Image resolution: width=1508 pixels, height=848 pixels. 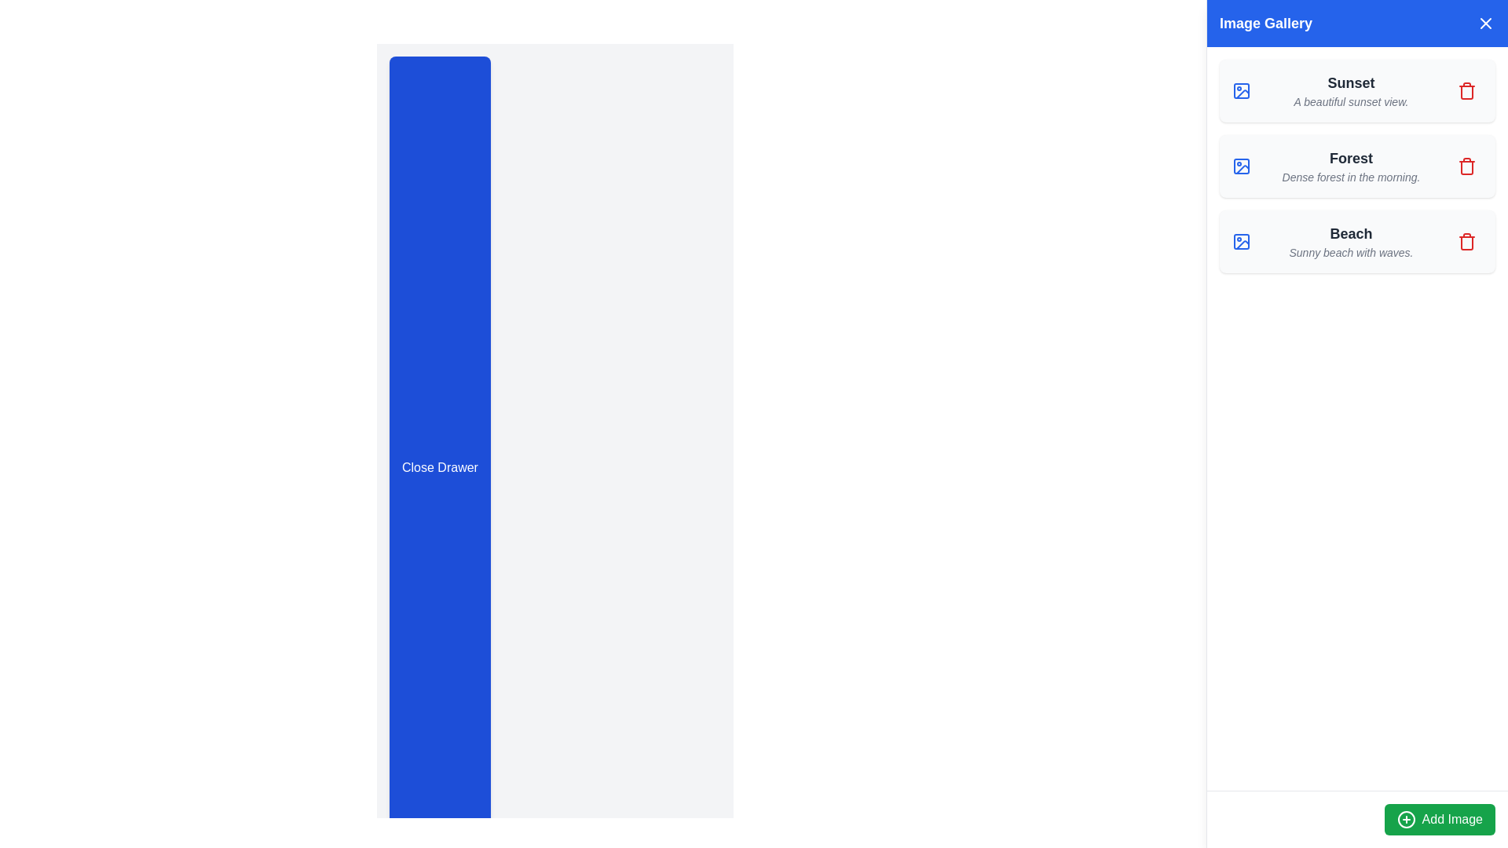 What do you see at coordinates (1240, 166) in the screenshot?
I see `the light blue rectangular SVG icon located near the top-left corner of the blue image frame within the 'Forest' item of the 'Image Gallery'` at bounding box center [1240, 166].